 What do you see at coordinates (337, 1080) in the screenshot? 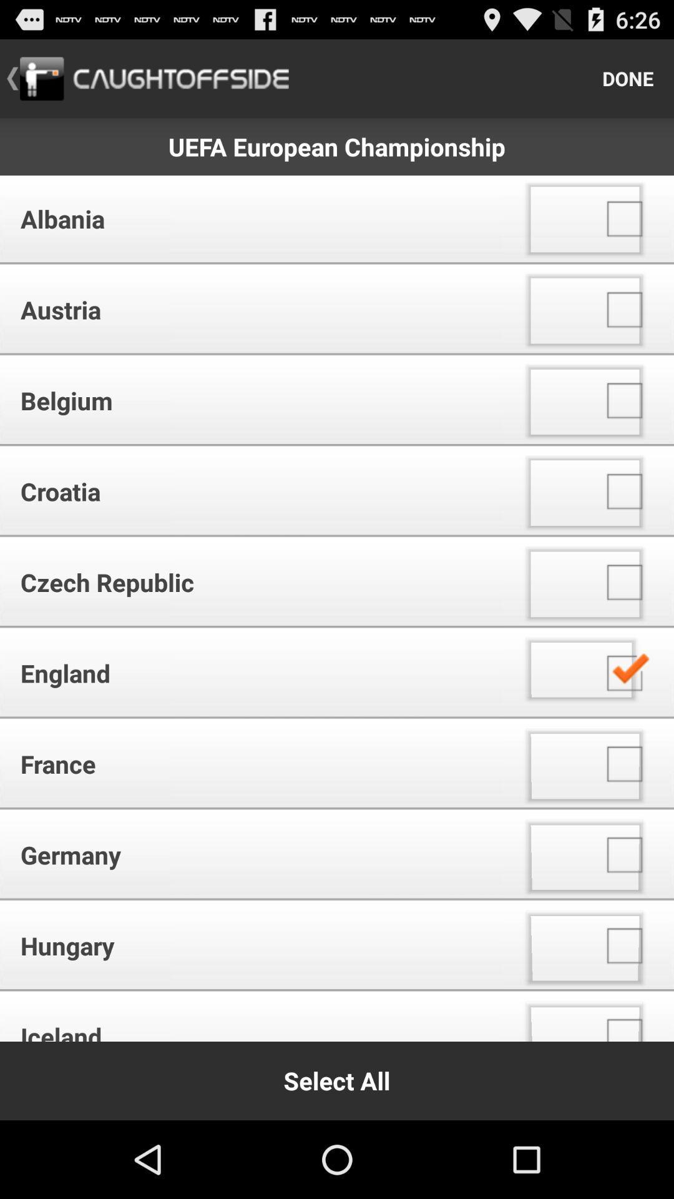
I see `the select all` at bounding box center [337, 1080].